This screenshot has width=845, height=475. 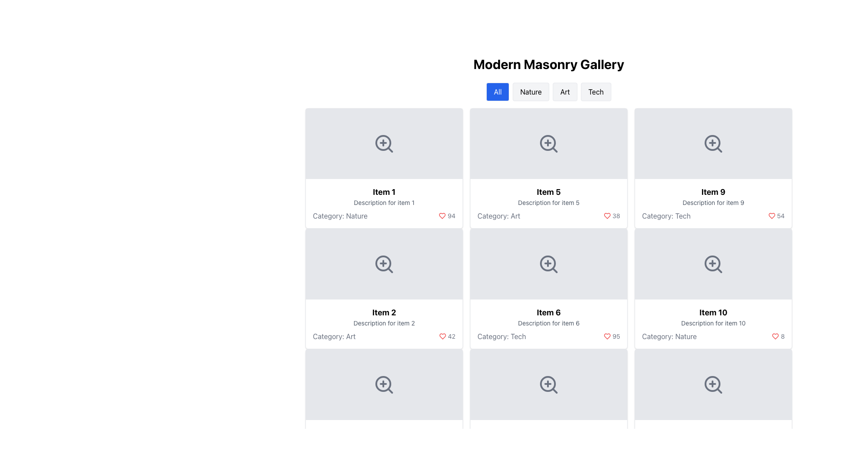 I want to click on the heart-shaped icon in the bottom-right corner of the card labeled 'Item 9', which represents a 'like' or 'favorite' action, so click(x=775, y=336).